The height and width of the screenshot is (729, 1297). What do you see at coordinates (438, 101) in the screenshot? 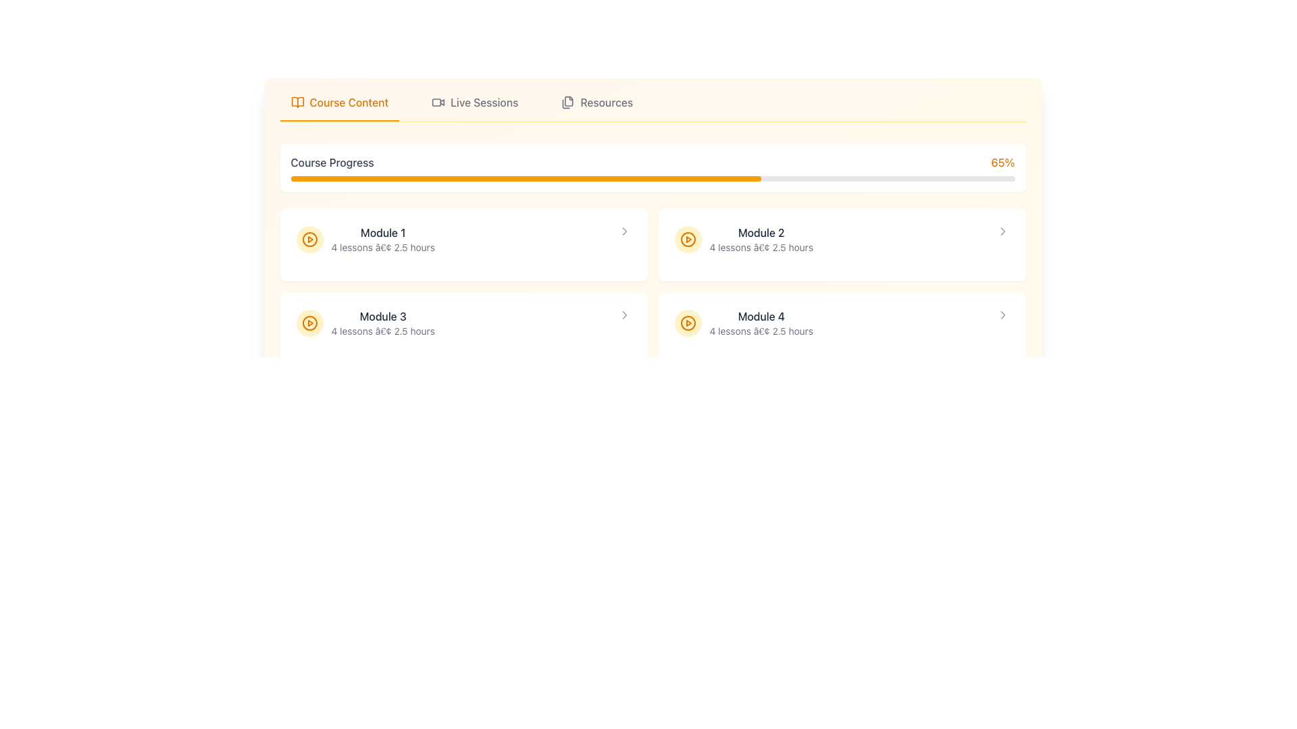
I see `the icon in the navigation area` at bounding box center [438, 101].